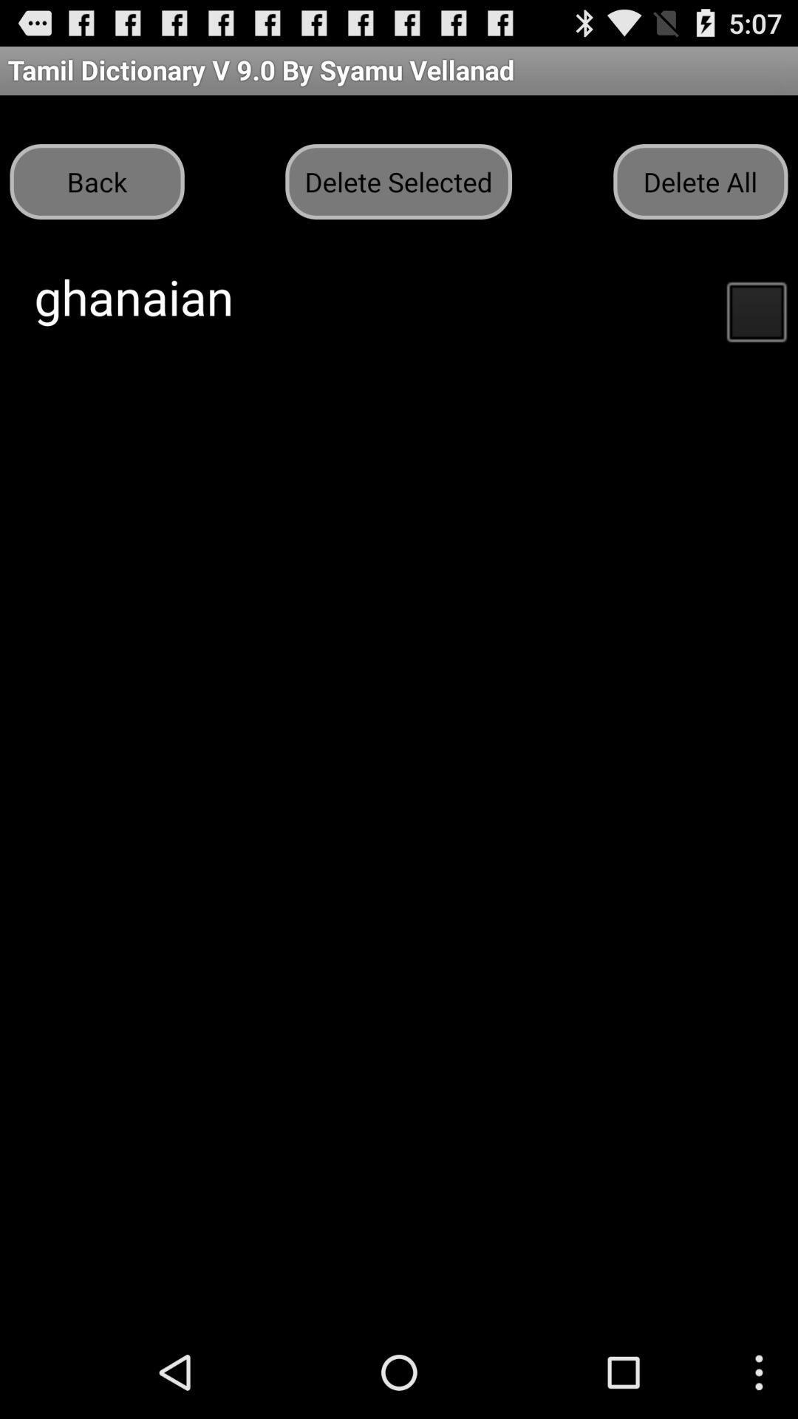  I want to click on button below the delete all button, so click(756, 310).